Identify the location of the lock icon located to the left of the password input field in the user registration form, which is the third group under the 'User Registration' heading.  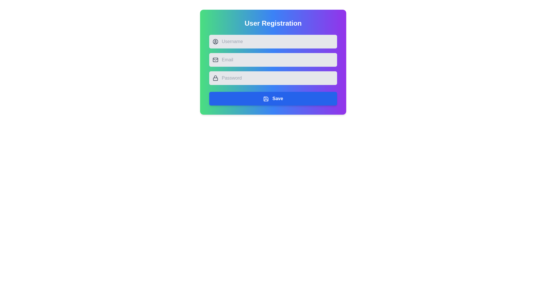
(215, 78).